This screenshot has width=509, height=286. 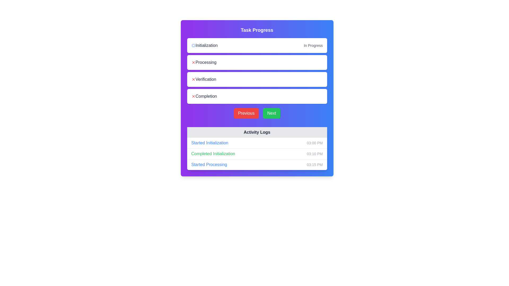 What do you see at coordinates (257, 45) in the screenshot?
I see `the topmost List item displaying the current status of the 'Initialization' step in the 'Task Progress' component` at bounding box center [257, 45].